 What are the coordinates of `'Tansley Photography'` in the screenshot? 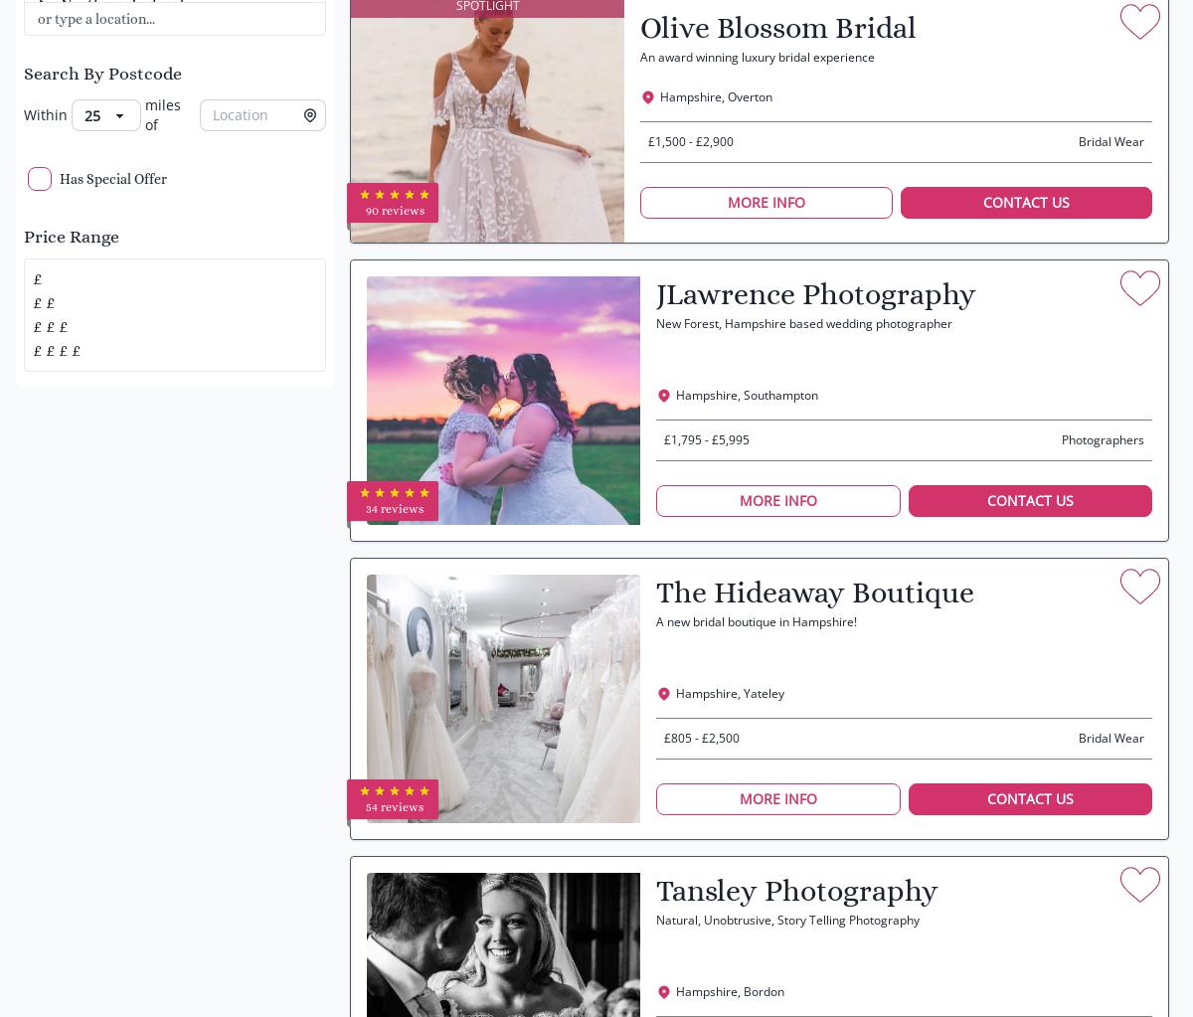 It's located at (795, 891).